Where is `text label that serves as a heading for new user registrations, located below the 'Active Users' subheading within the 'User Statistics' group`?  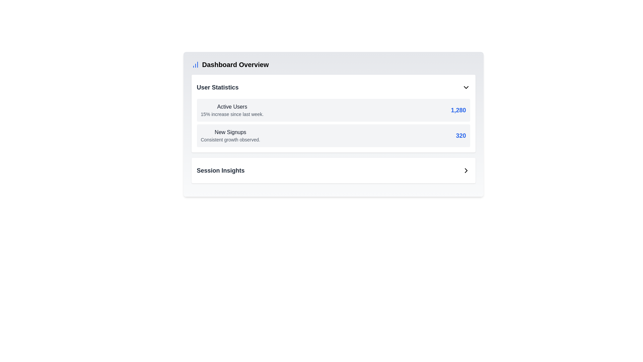 text label that serves as a heading for new user registrations, located below the 'Active Users' subheading within the 'User Statistics' group is located at coordinates (230, 132).